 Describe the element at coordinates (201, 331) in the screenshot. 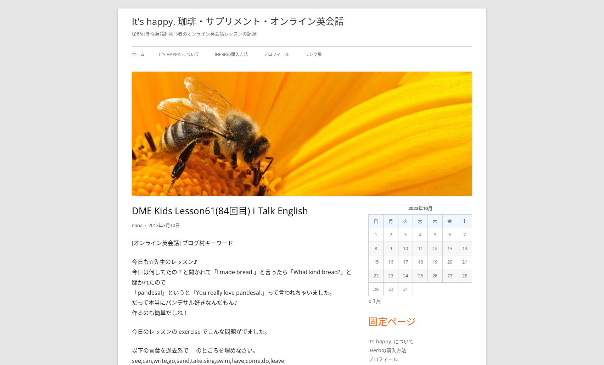

I see `'今日のレッスンの exercise でこんな問題がでました。'` at that location.